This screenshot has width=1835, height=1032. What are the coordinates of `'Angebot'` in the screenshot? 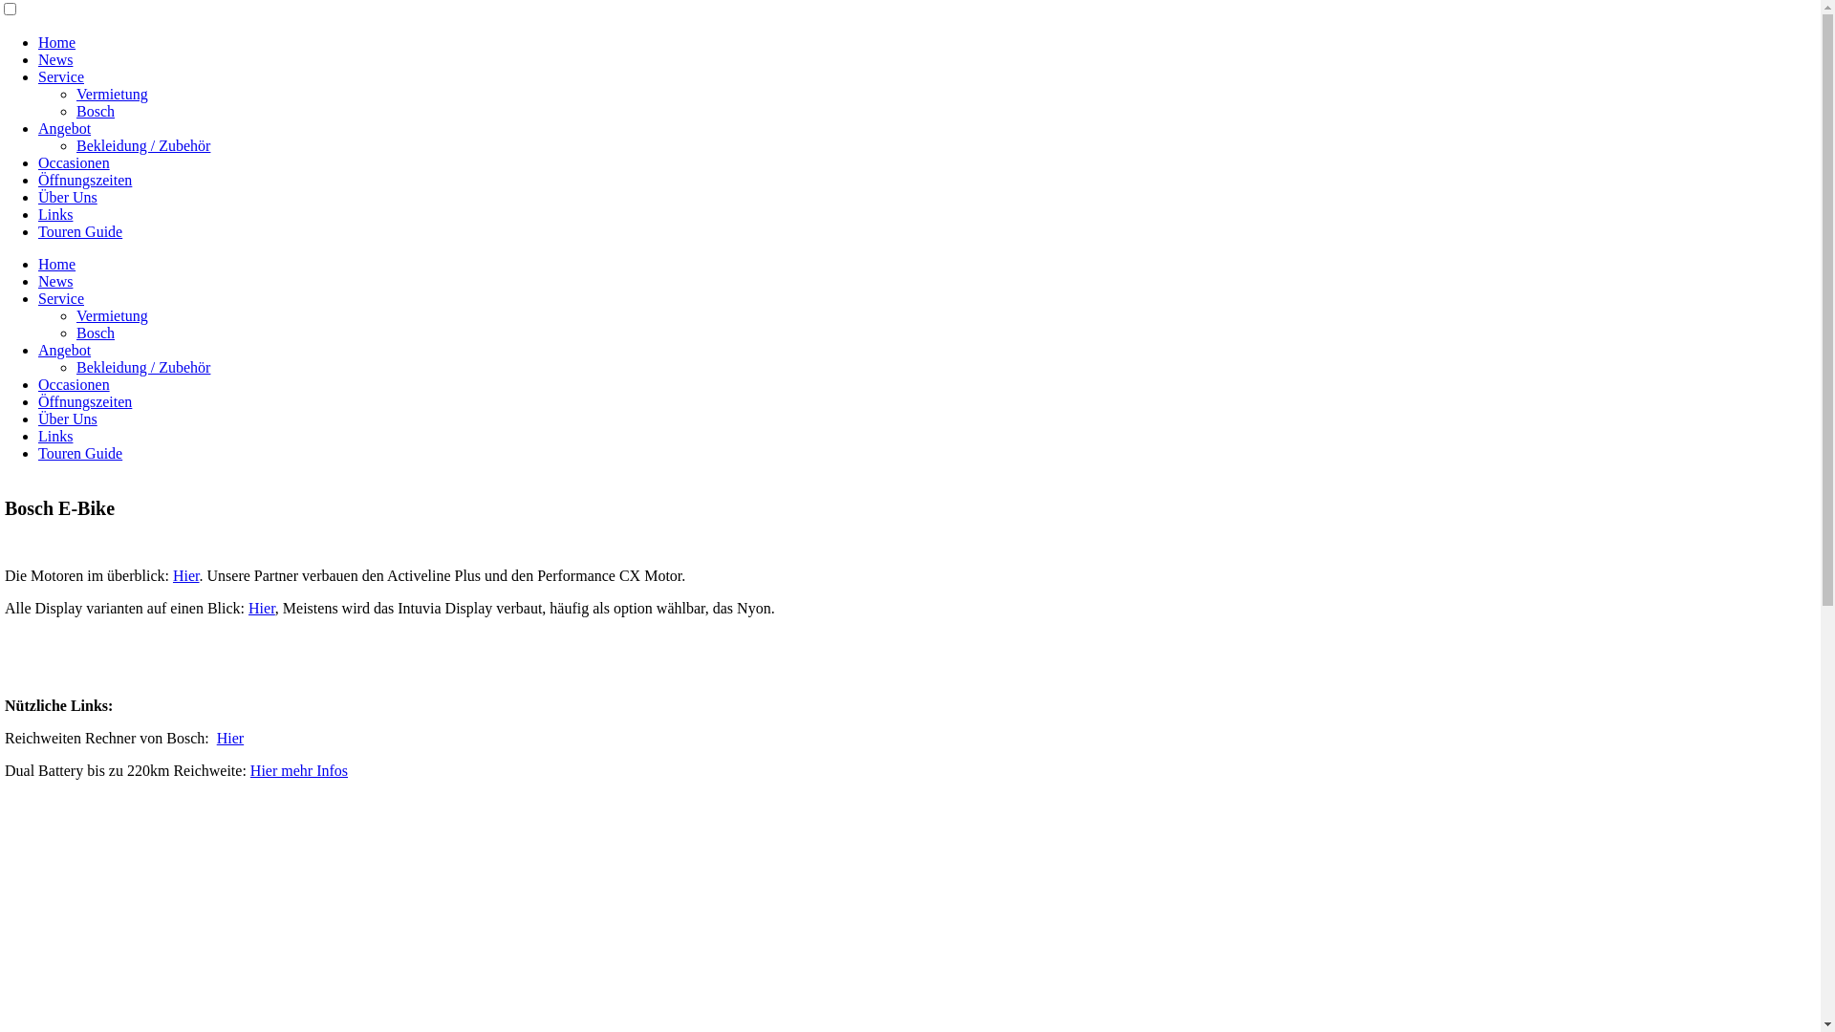 It's located at (64, 128).